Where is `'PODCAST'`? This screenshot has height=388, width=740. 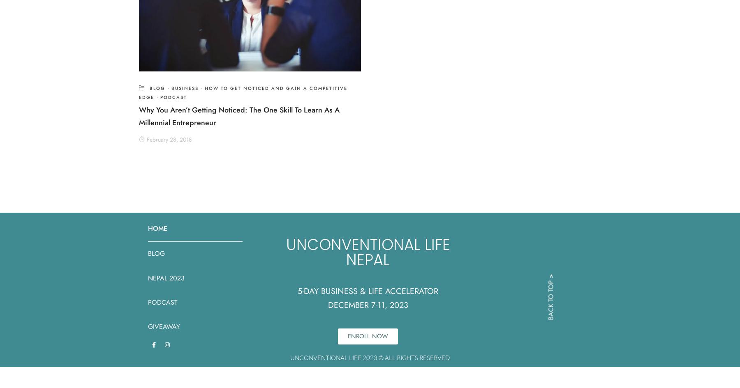 'PODCAST' is located at coordinates (162, 302).